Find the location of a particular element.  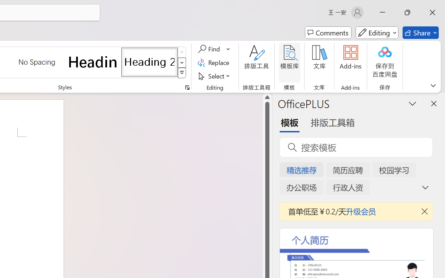

'Heading 1' is located at coordinates (93, 62).